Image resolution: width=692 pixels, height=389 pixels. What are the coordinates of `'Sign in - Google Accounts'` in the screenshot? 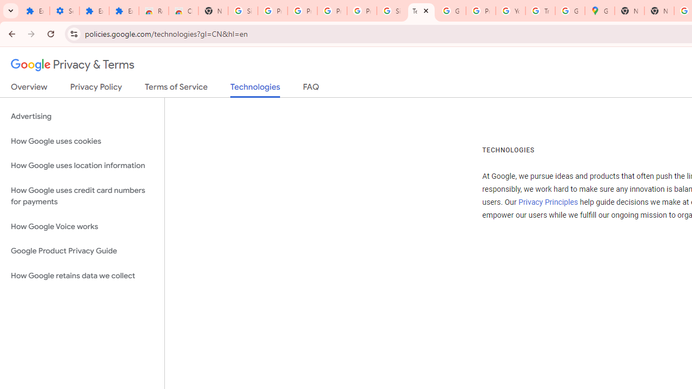 It's located at (391, 11).